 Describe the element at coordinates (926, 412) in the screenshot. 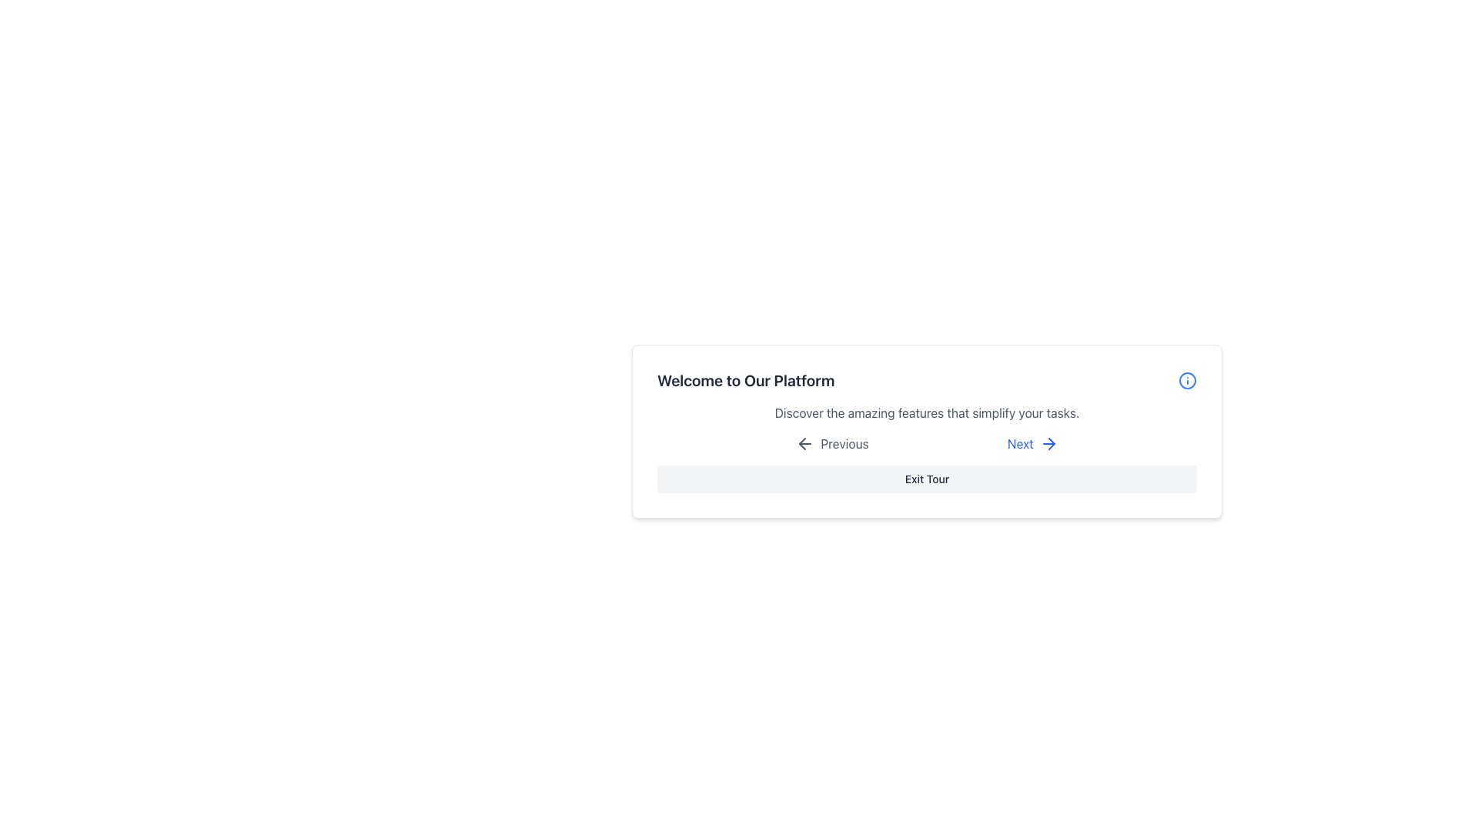

I see `the static text element that provides information about the platform's features, located below the header 'Welcome to Our Platform' and above the navigation options 'Previous' and 'Next'` at that location.